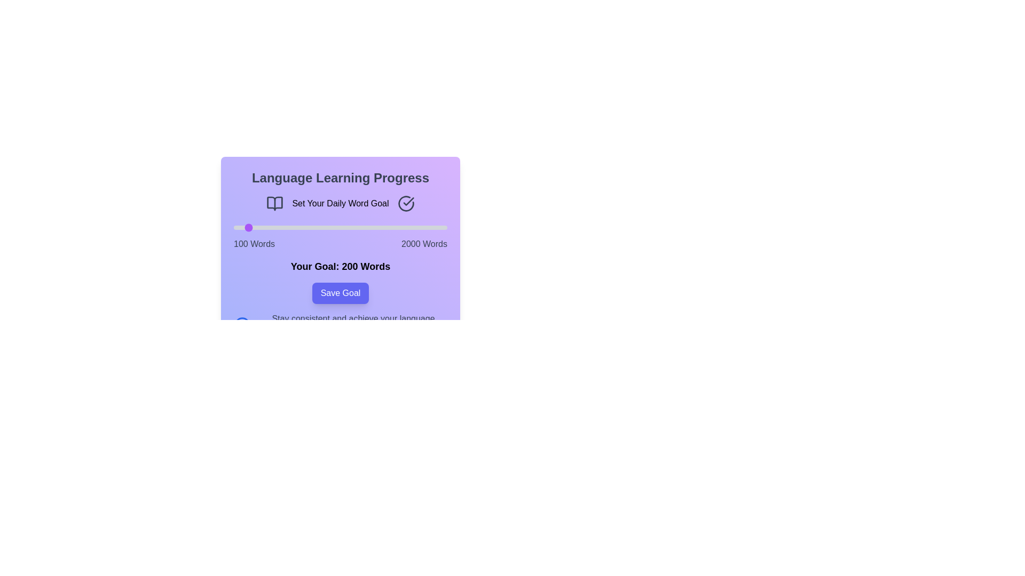  Describe the element at coordinates (382, 227) in the screenshot. I see `the slider to set the word count to 1419` at that location.